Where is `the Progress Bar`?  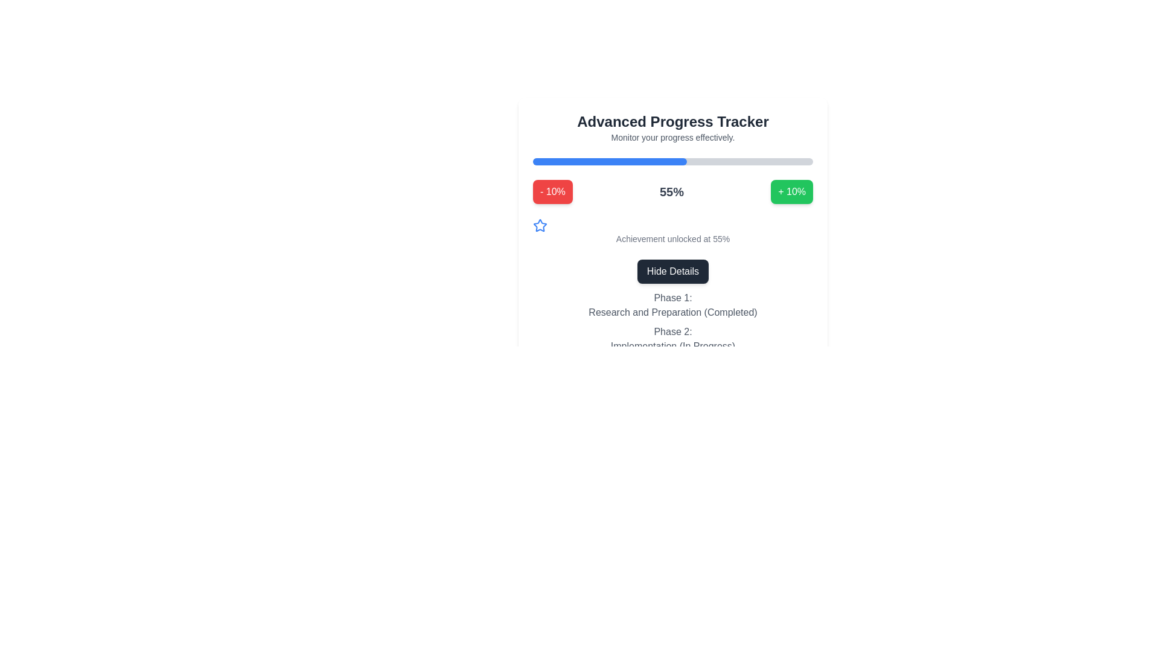 the Progress Bar is located at coordinates (672, 161).